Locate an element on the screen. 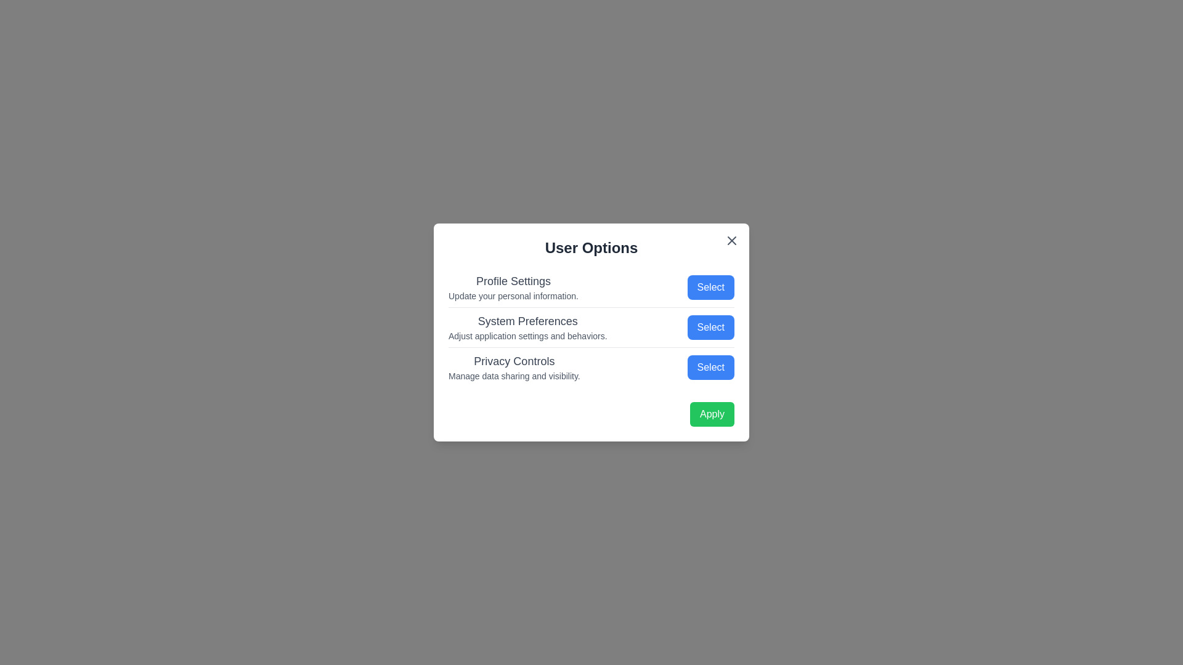 This screenshot has width=1183, height=665. the background outside the dialog to close it is located at coordinates (6, 6).